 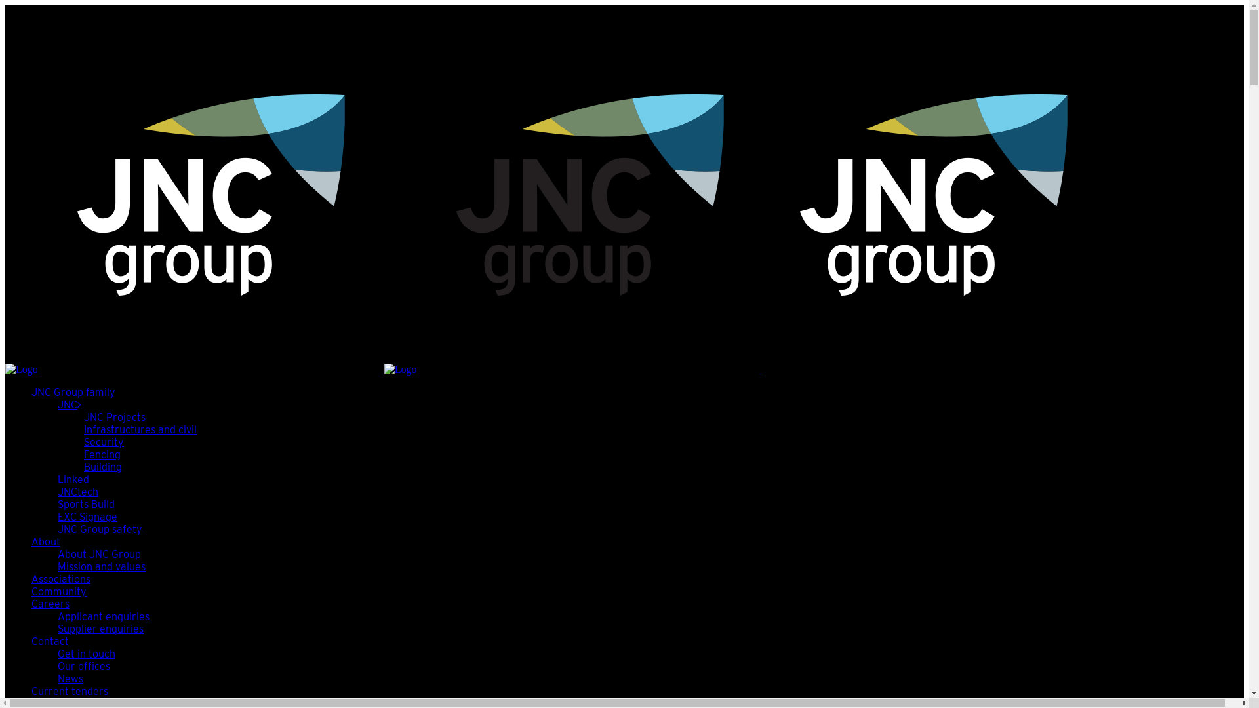 What do you see at coordinates (140, 429) in the screenshot?
I see `'Infrastructures and civil'` at bounding box center [140, 429].